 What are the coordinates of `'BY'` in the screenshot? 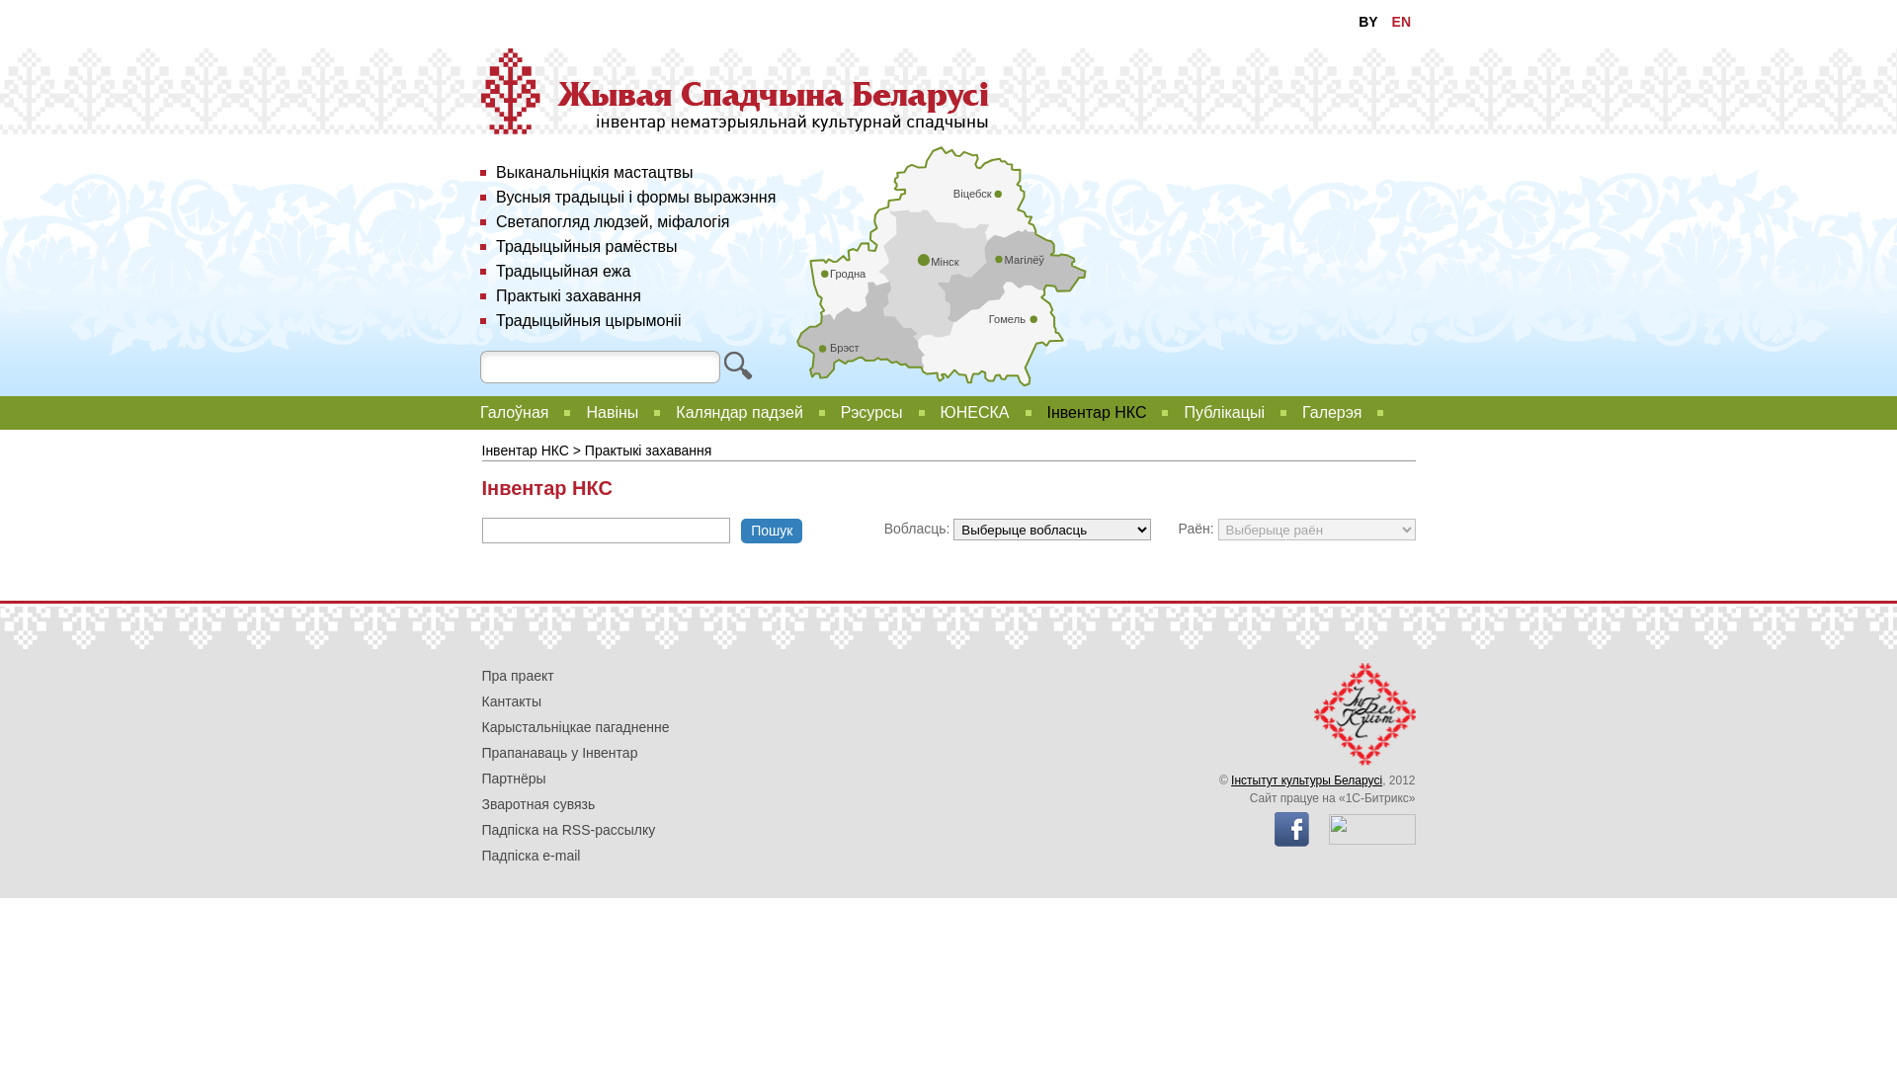 It's located at (1366, 22).